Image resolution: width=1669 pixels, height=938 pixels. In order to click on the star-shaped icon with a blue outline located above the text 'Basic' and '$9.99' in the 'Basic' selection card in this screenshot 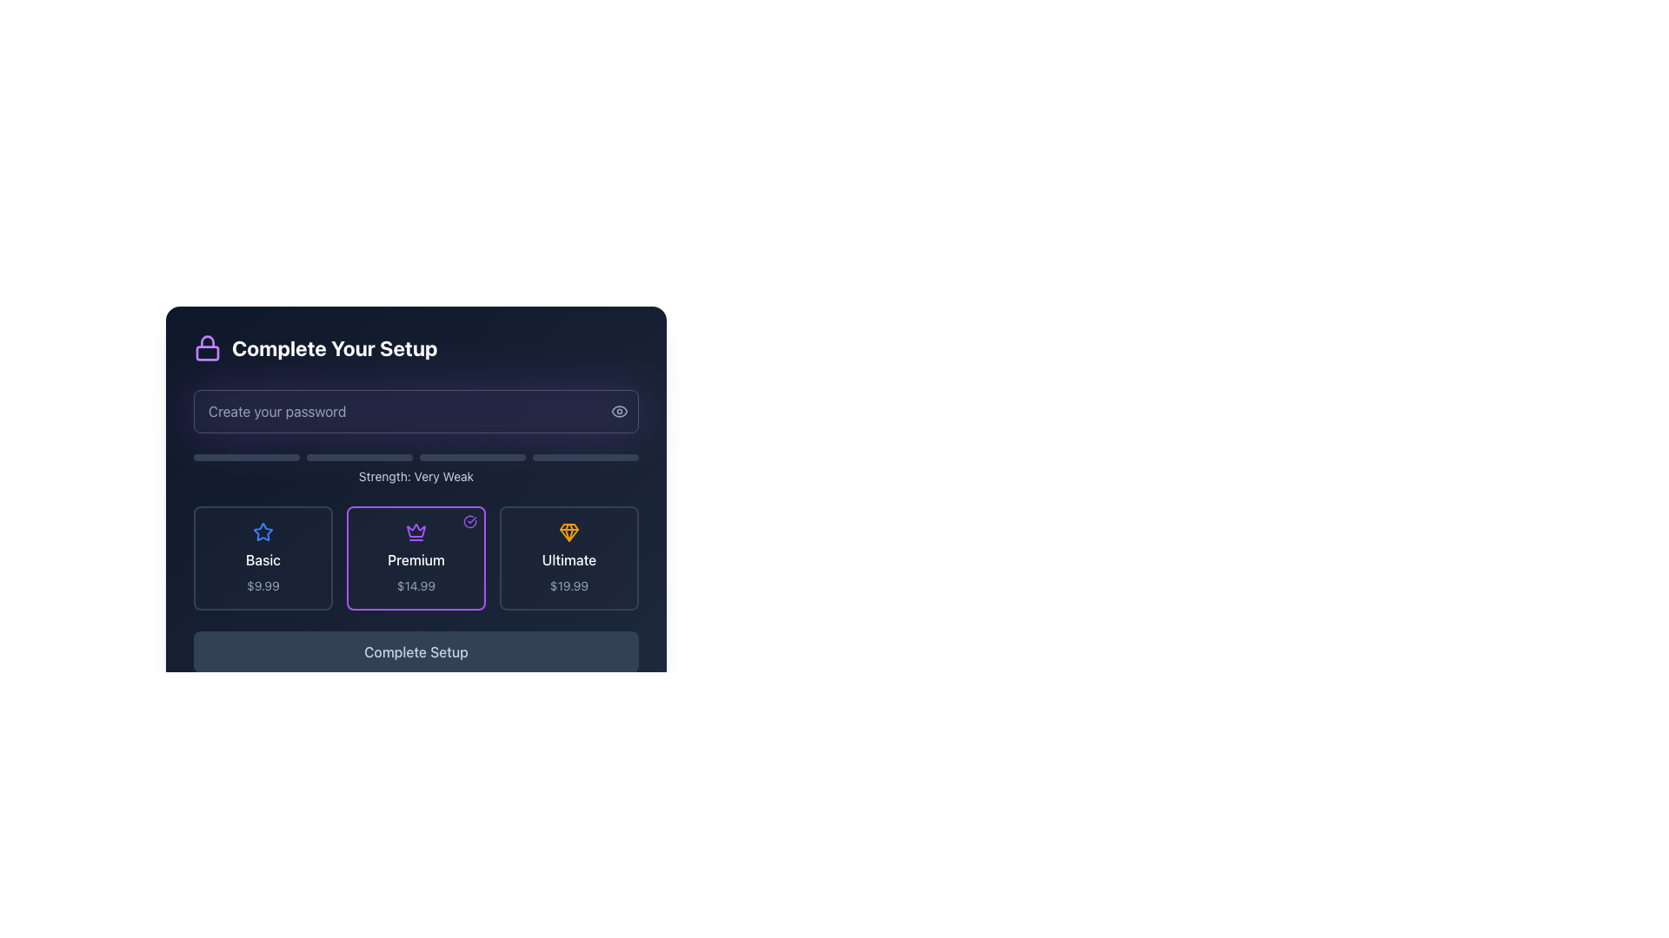, I will do `click(262, 532)`.